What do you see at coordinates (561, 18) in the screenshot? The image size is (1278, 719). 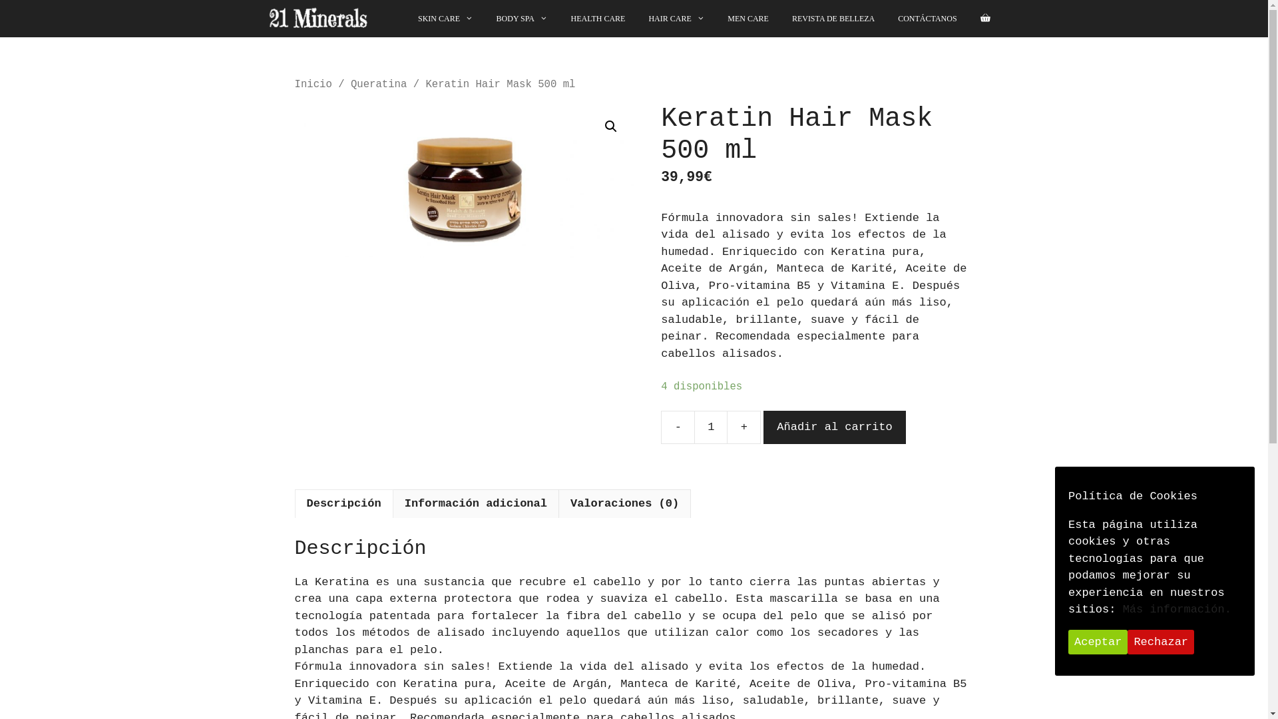 I see `'HEALTH CARE'` at bounding box center [561, 18].